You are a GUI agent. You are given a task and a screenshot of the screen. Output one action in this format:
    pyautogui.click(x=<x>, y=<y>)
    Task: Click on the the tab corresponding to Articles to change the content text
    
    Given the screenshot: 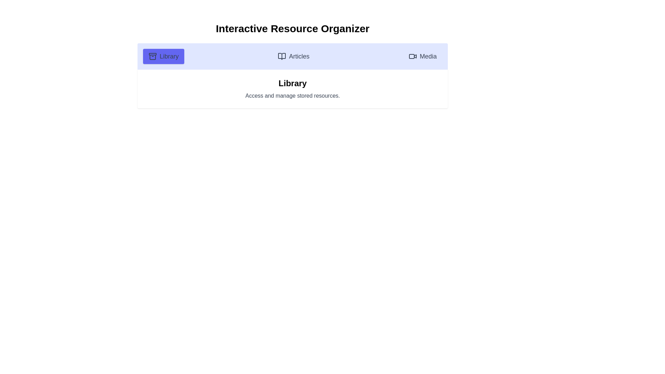 What is the action you would take?
    pyautogui.click(x=294, y=56)
    